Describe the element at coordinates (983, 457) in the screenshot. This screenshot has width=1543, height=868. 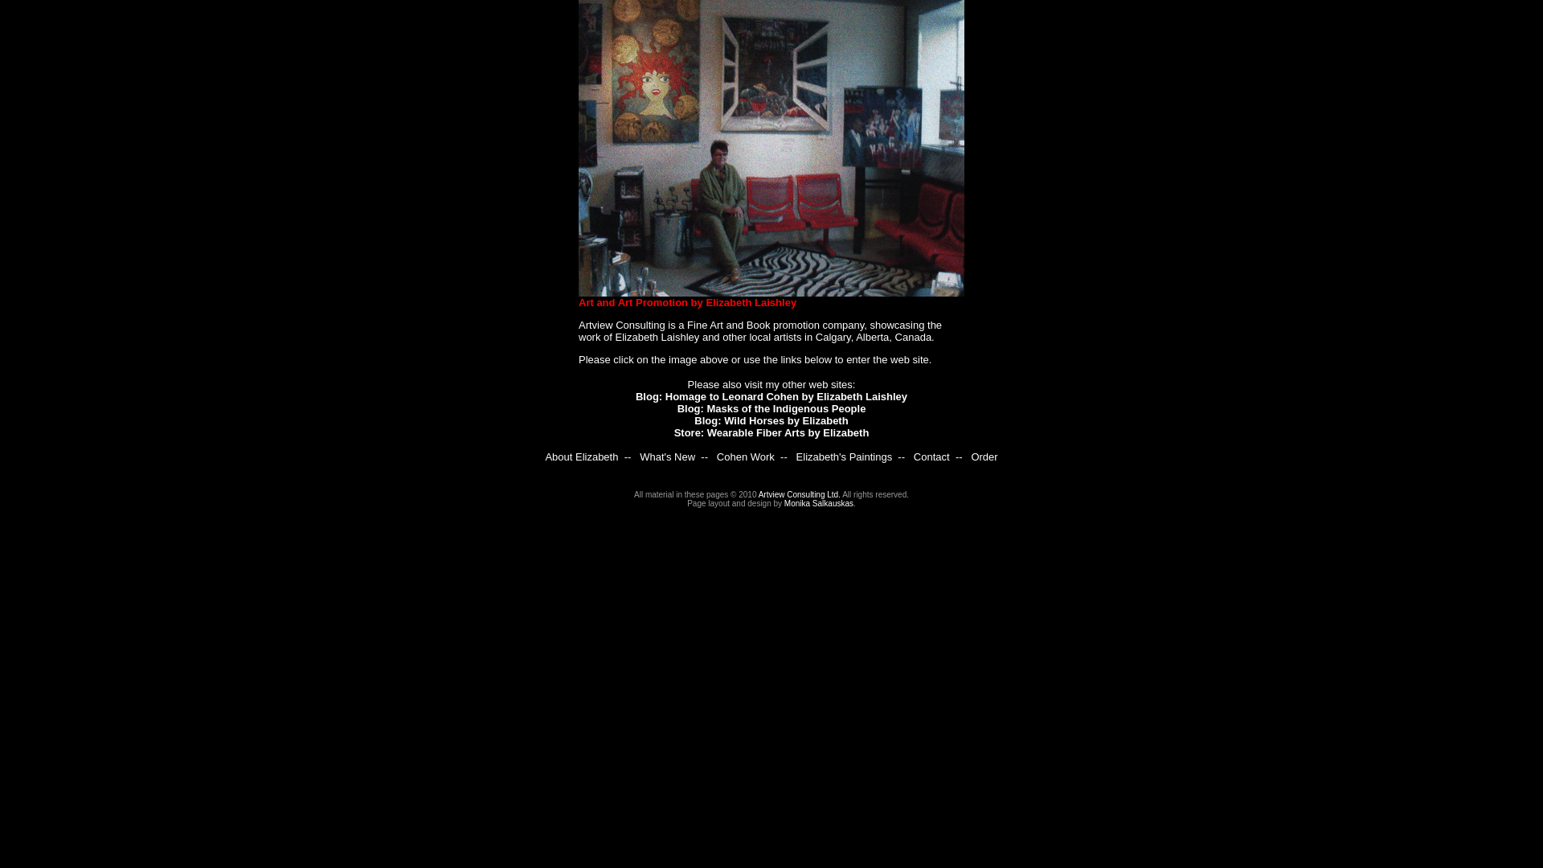
I see `'Order'` at that location.